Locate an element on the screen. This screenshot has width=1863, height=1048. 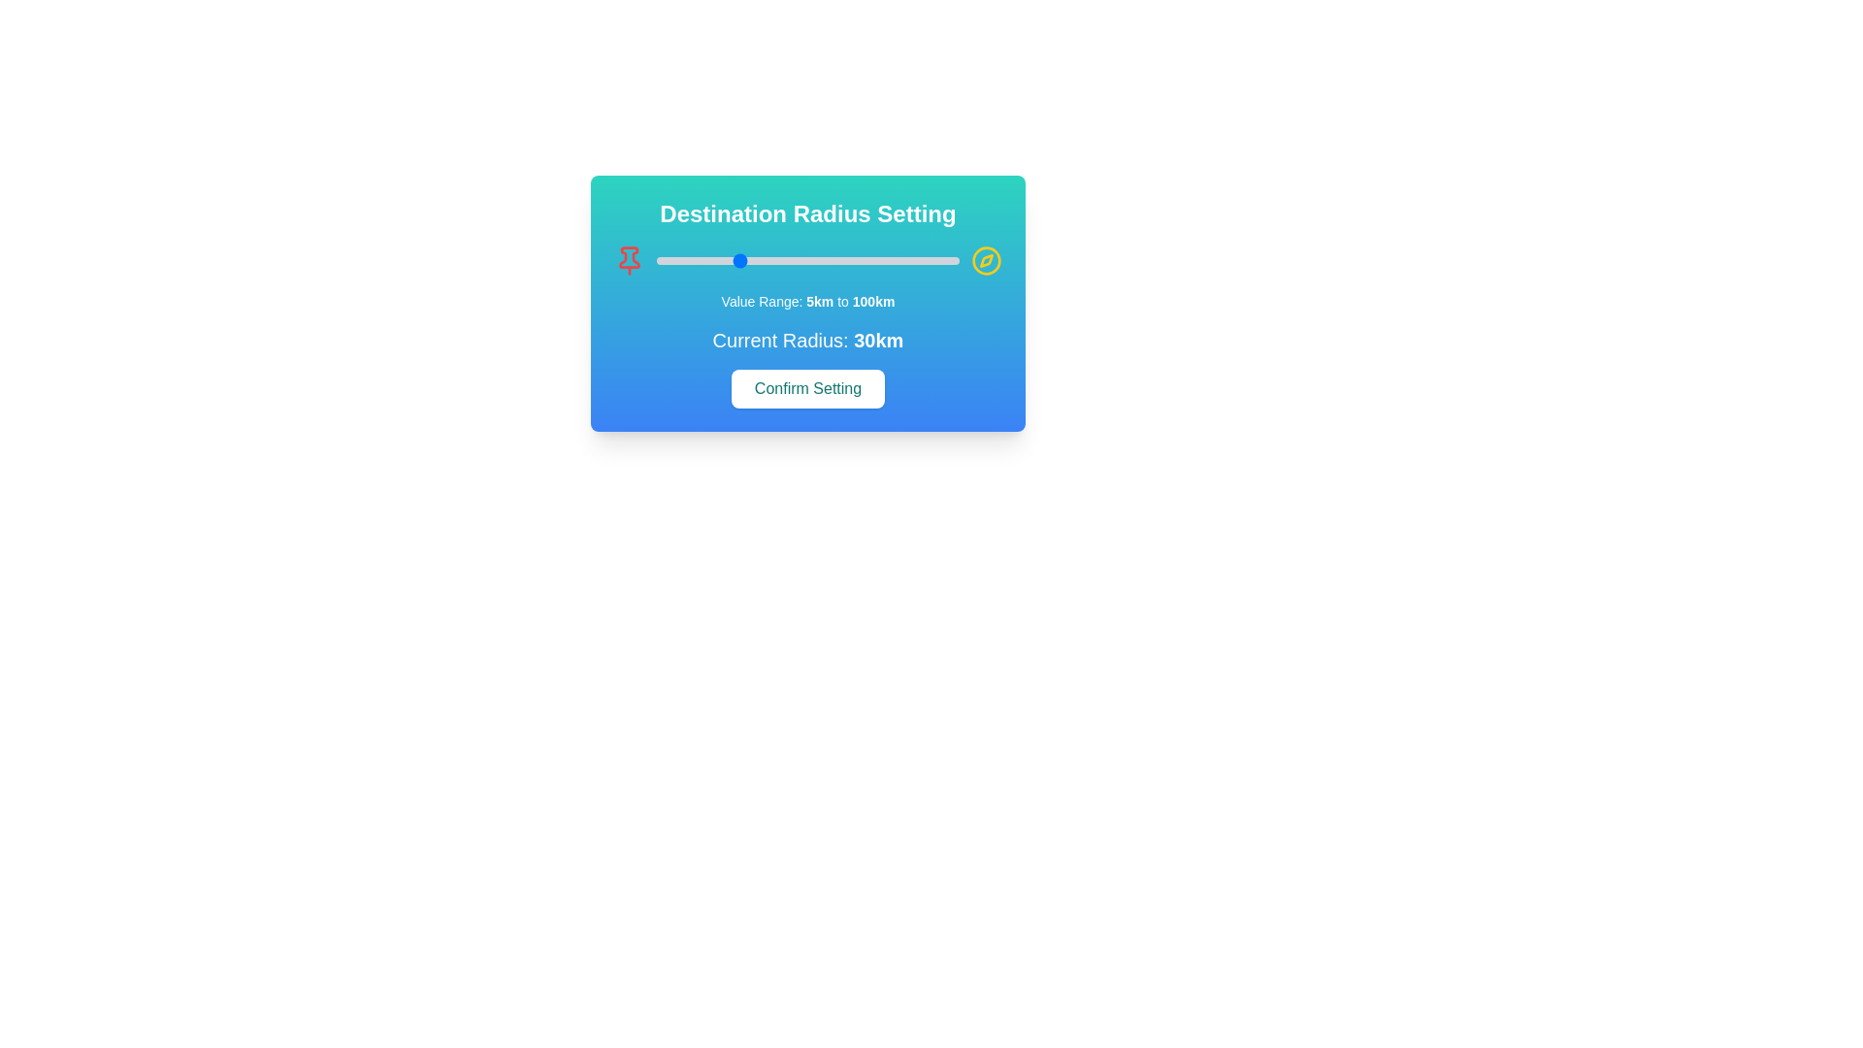
the slider to set the radius to 33 km, observing the visual feedback is located at coordinates (744, 260).